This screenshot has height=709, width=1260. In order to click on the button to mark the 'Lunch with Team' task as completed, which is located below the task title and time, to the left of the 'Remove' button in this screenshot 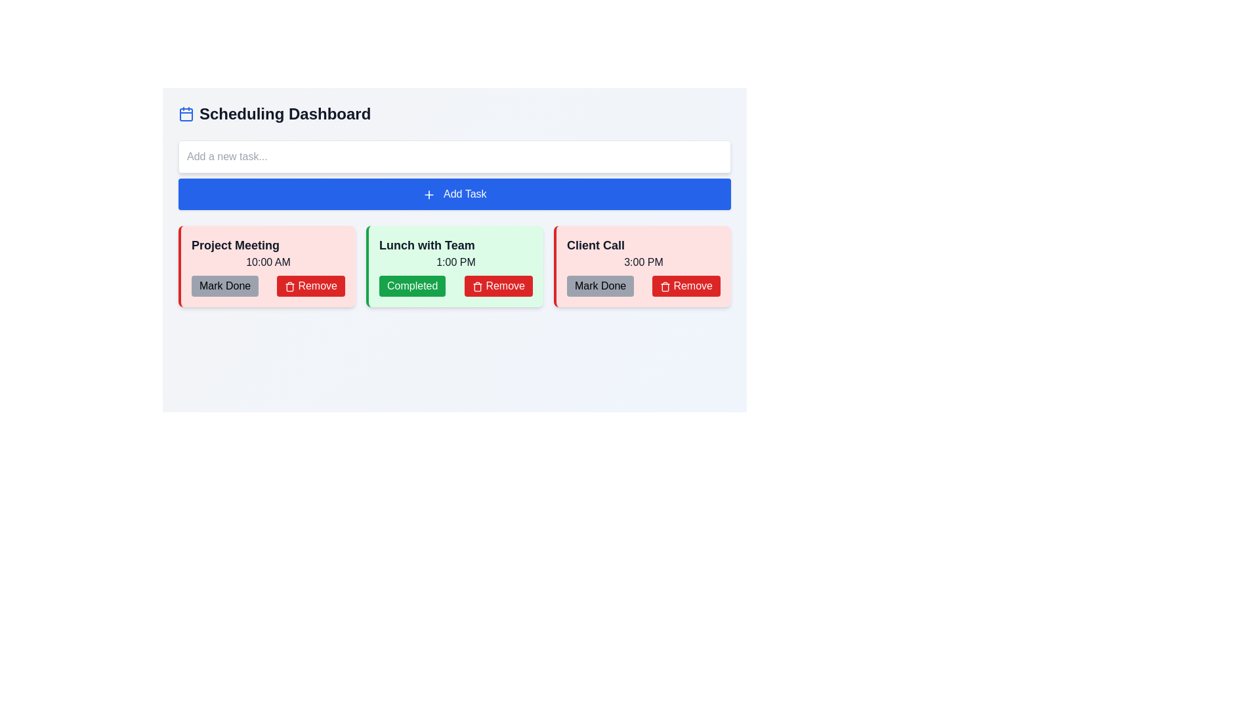, I will do `click(411, 285)`.